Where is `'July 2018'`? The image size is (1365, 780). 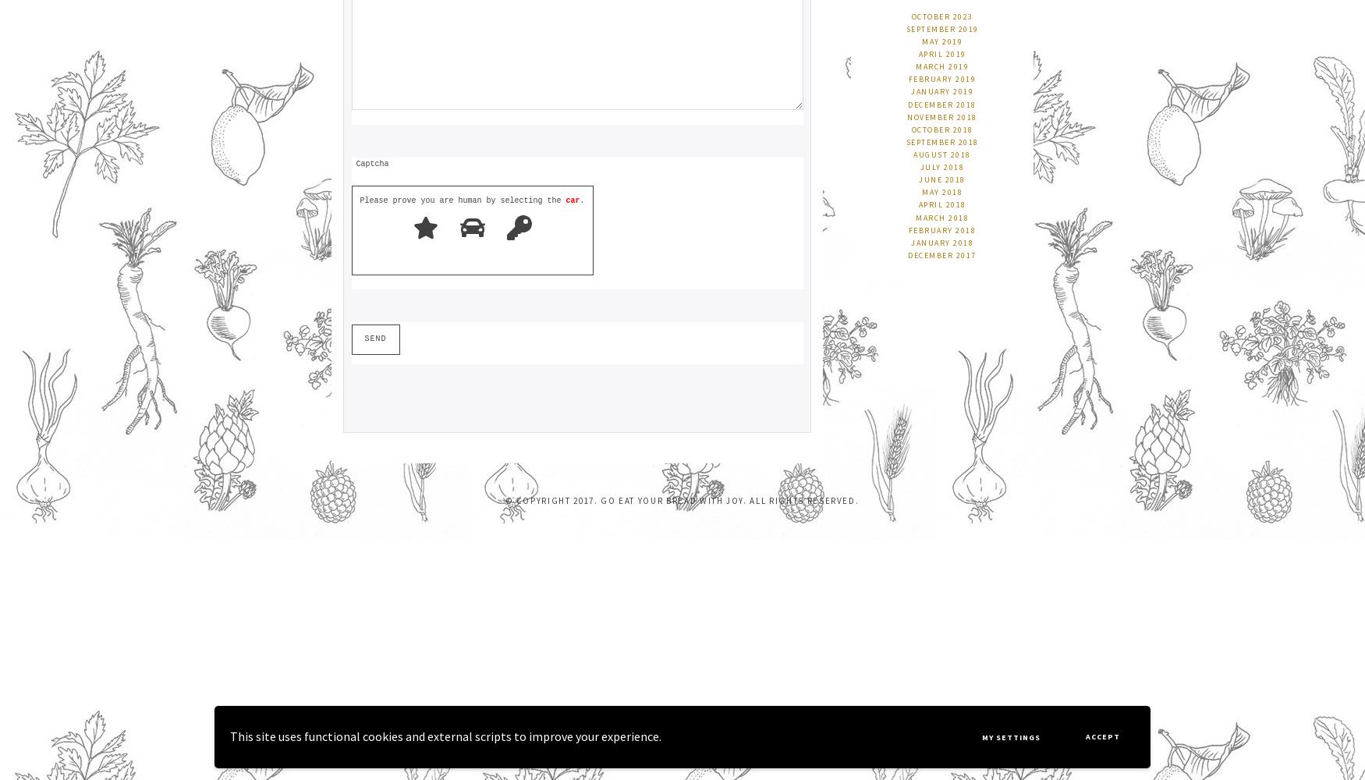
'July 2018' is located at coordinates (941, 166).